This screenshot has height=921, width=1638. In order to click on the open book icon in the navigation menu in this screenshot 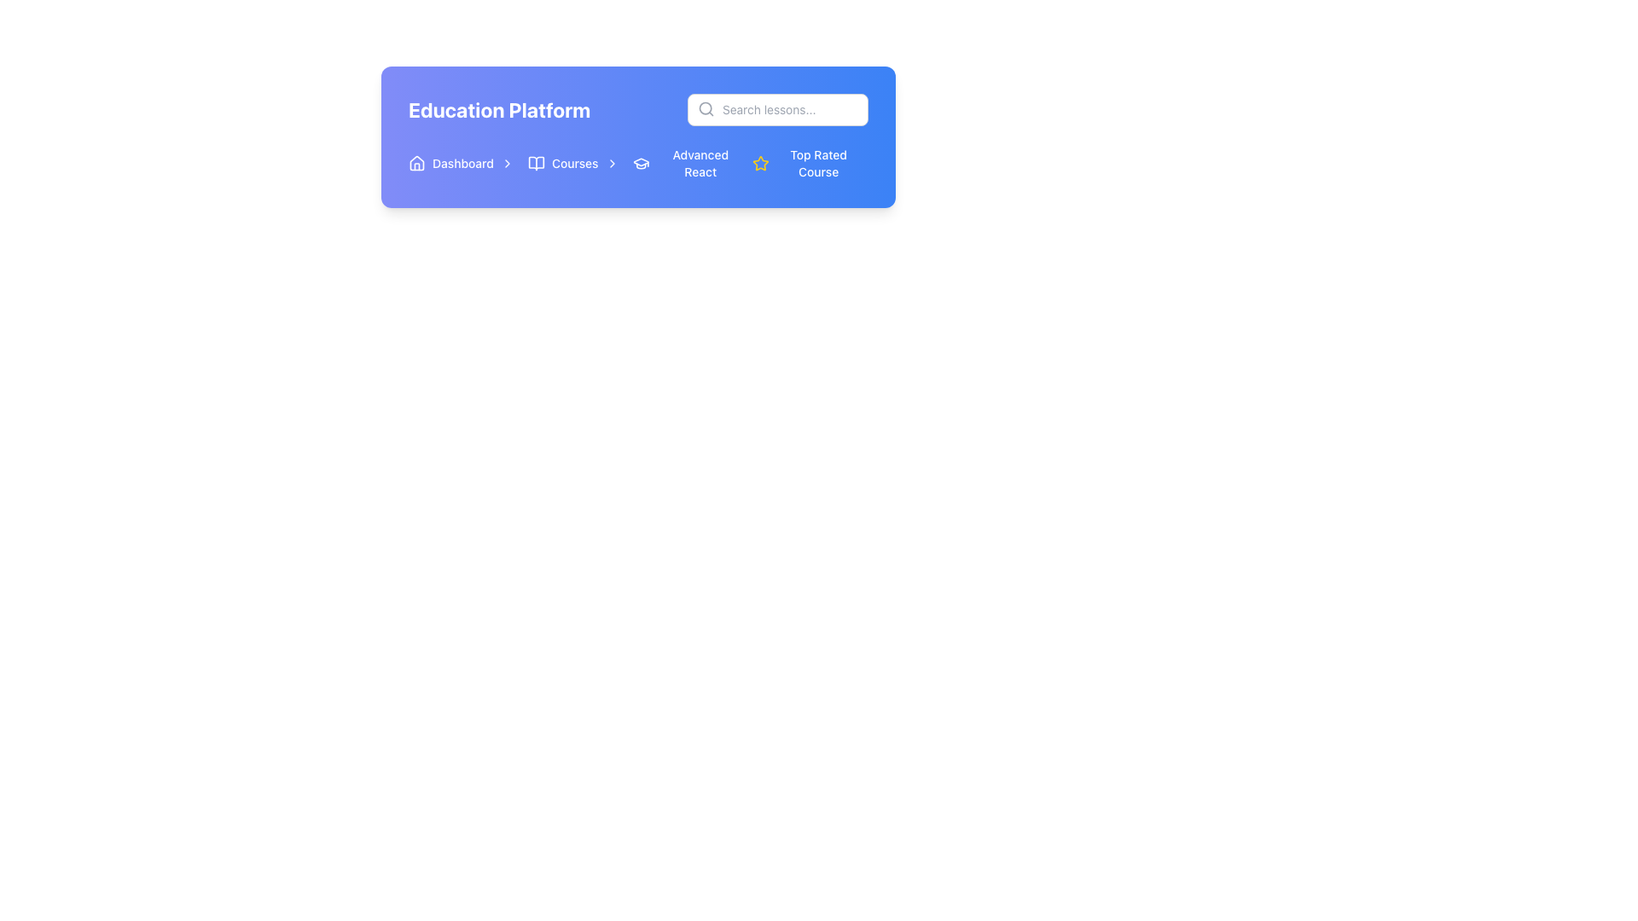, I will do `click(535, 164)`.